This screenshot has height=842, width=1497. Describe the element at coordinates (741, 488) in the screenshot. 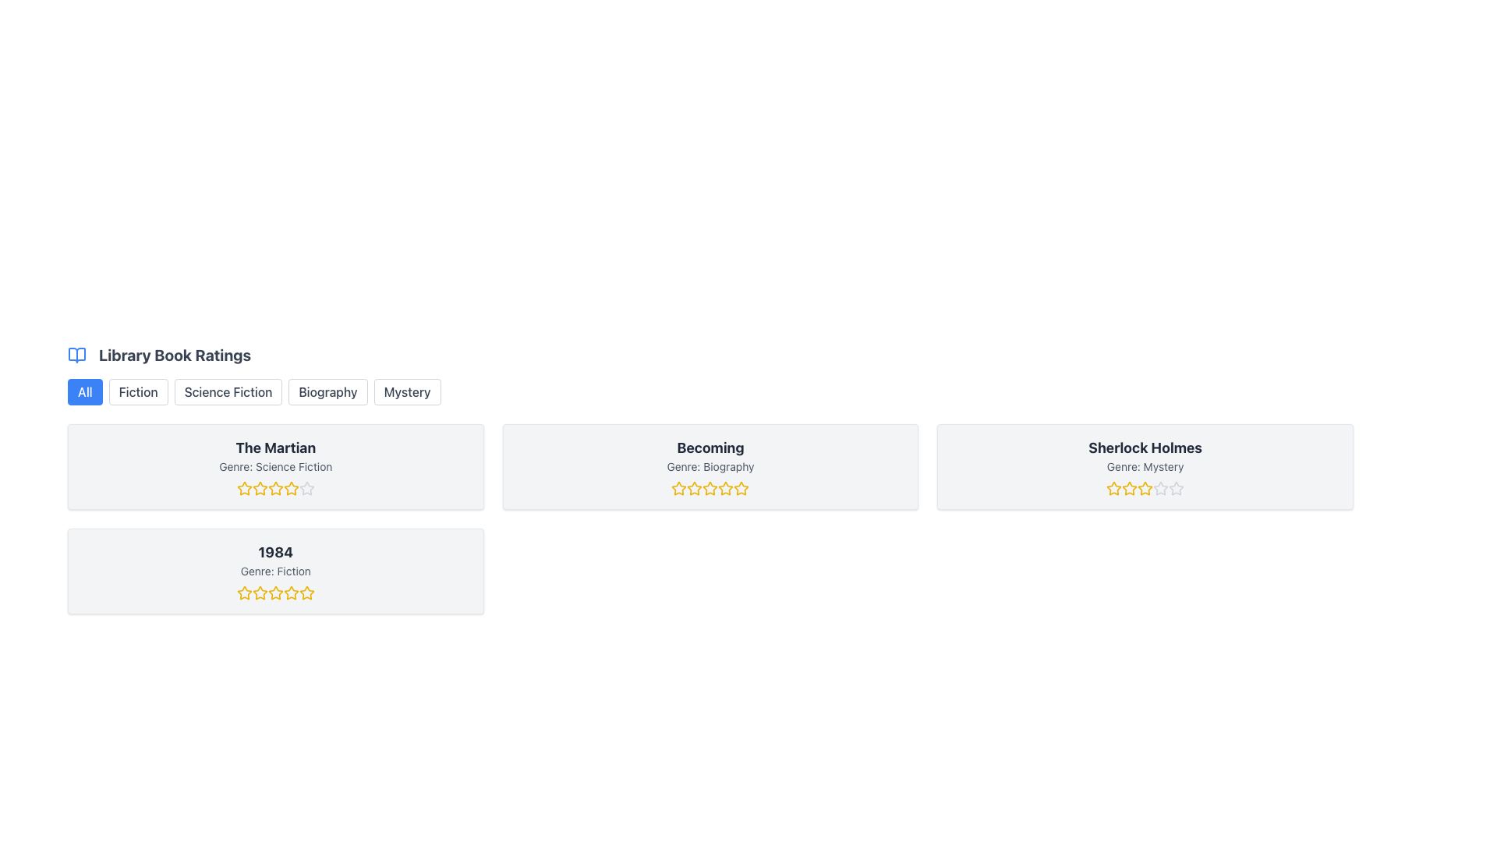

I see `the fifth yellow rating star in the rating system for the book 'Becoming'` at that location.